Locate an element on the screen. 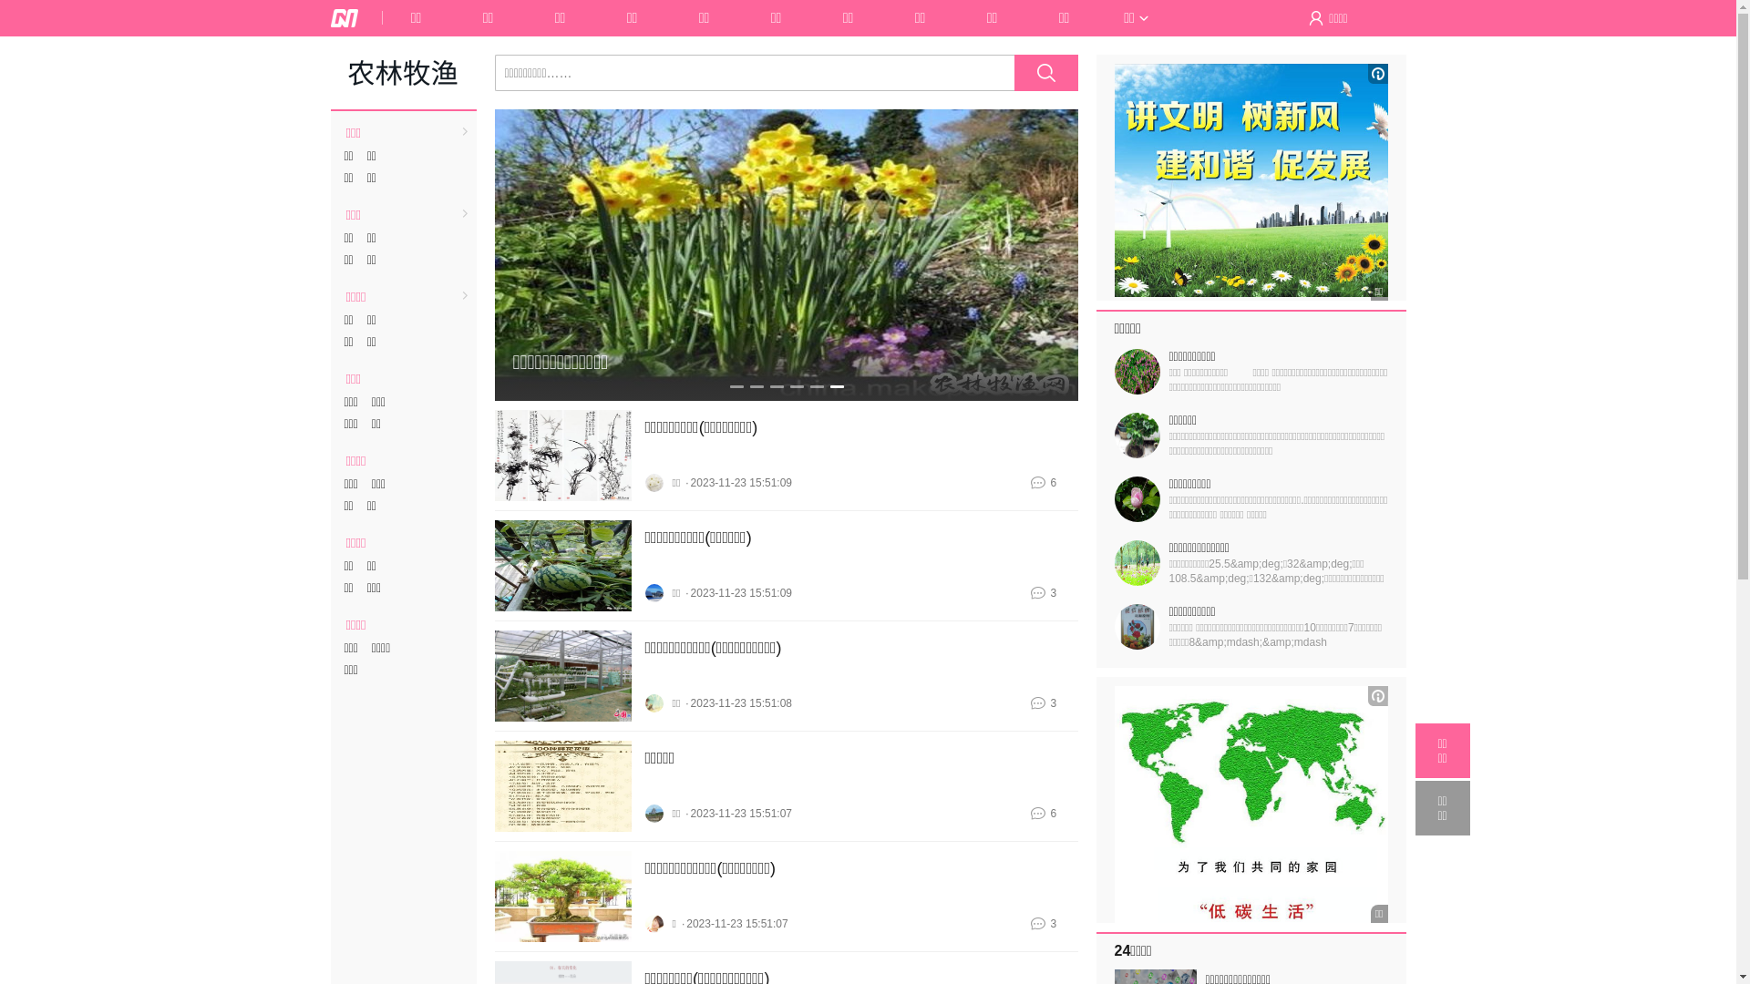 The height and width of the screenshot is (984, 1750). '3' is located at coordinates (1054, 924).